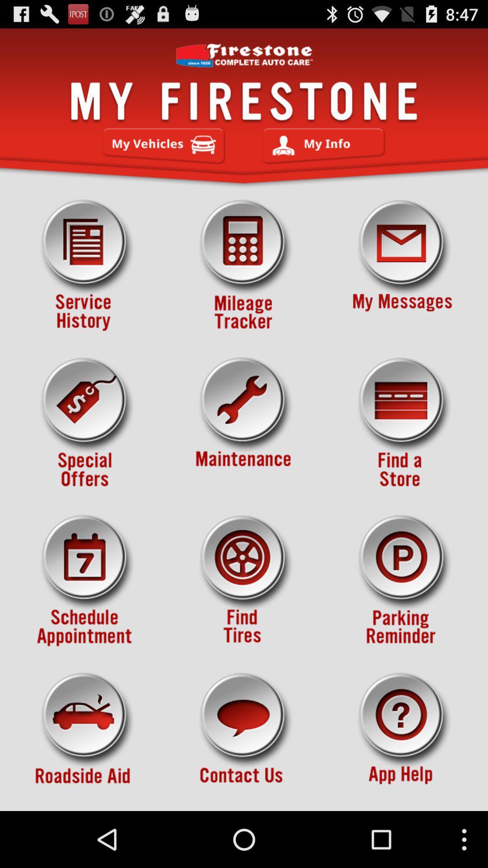  What do you see at coordinates (244, 265) in the screenshot?
I see `calculate the value` at bounding box center [244, 265].